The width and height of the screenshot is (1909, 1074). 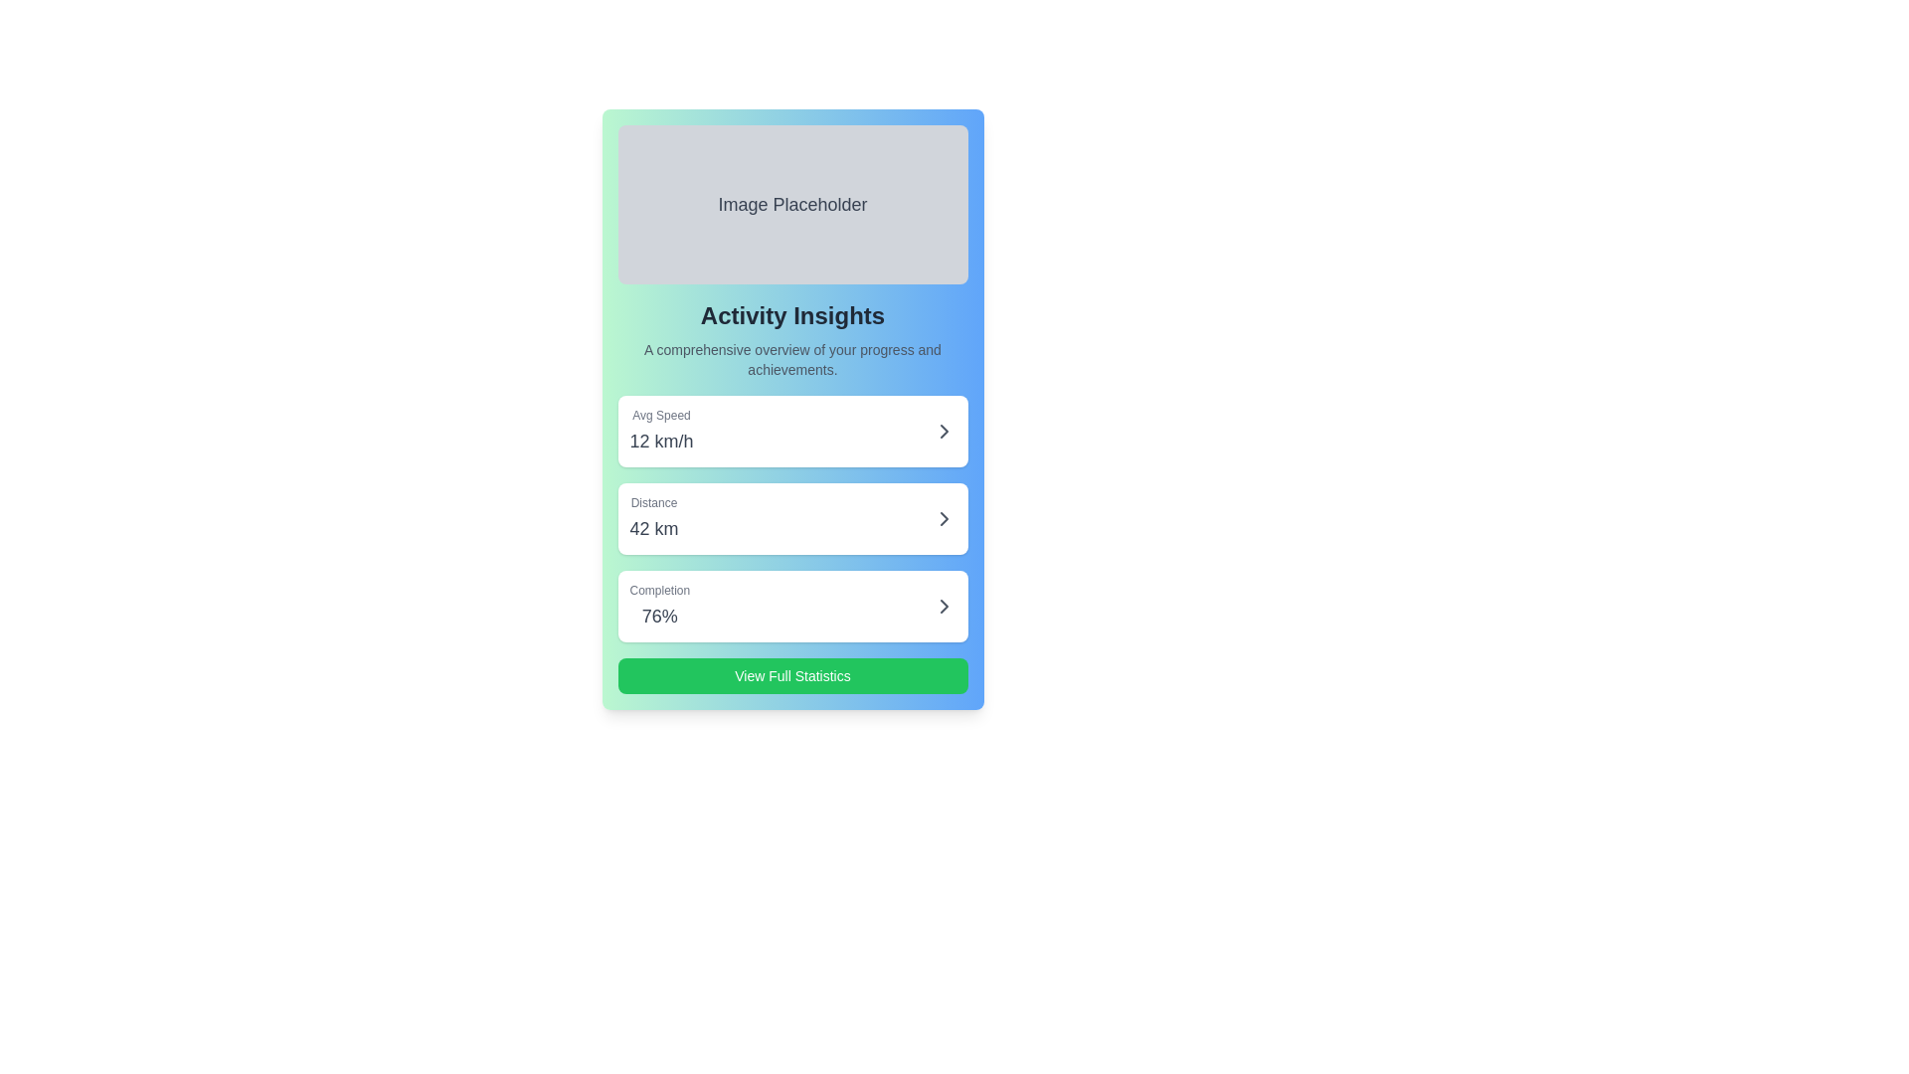 I want to click on the chevron icon pointing right that is located at the far right of the 'Distance' row, following the text '42 km', so click(x=943, y=517).